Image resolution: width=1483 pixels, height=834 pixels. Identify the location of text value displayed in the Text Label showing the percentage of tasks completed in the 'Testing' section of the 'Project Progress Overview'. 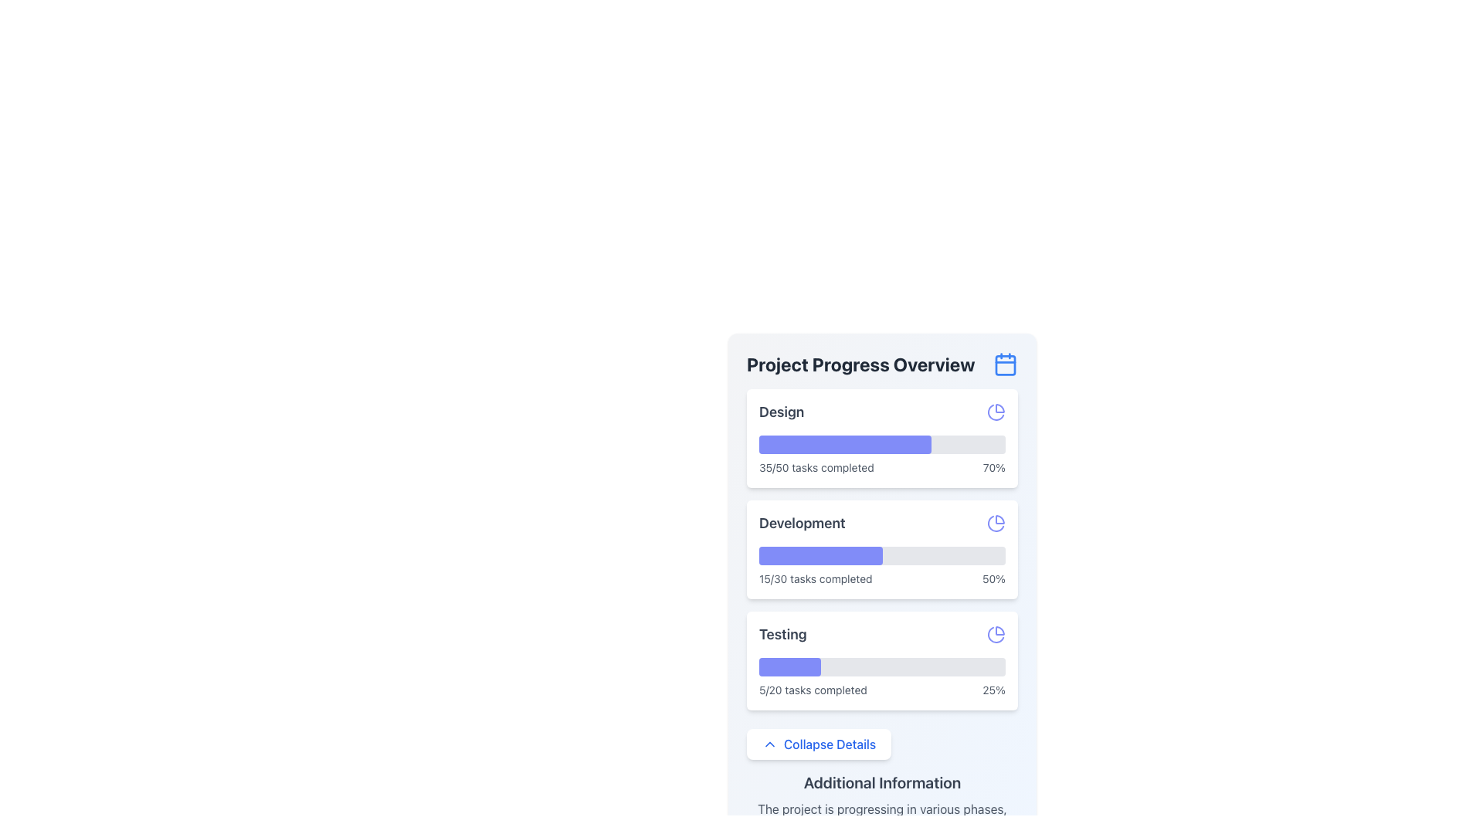
(994, 690).